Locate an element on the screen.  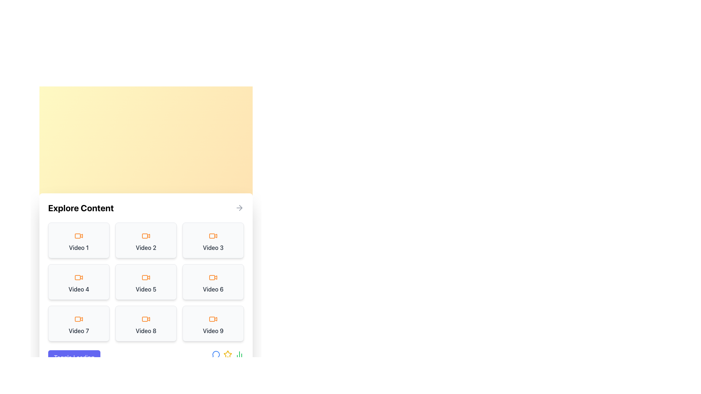
the text label in the second card of the first row in a 3x3 grid layout, which identifies the video card and is located below an orange video icon is located at coordinates (146, 247).